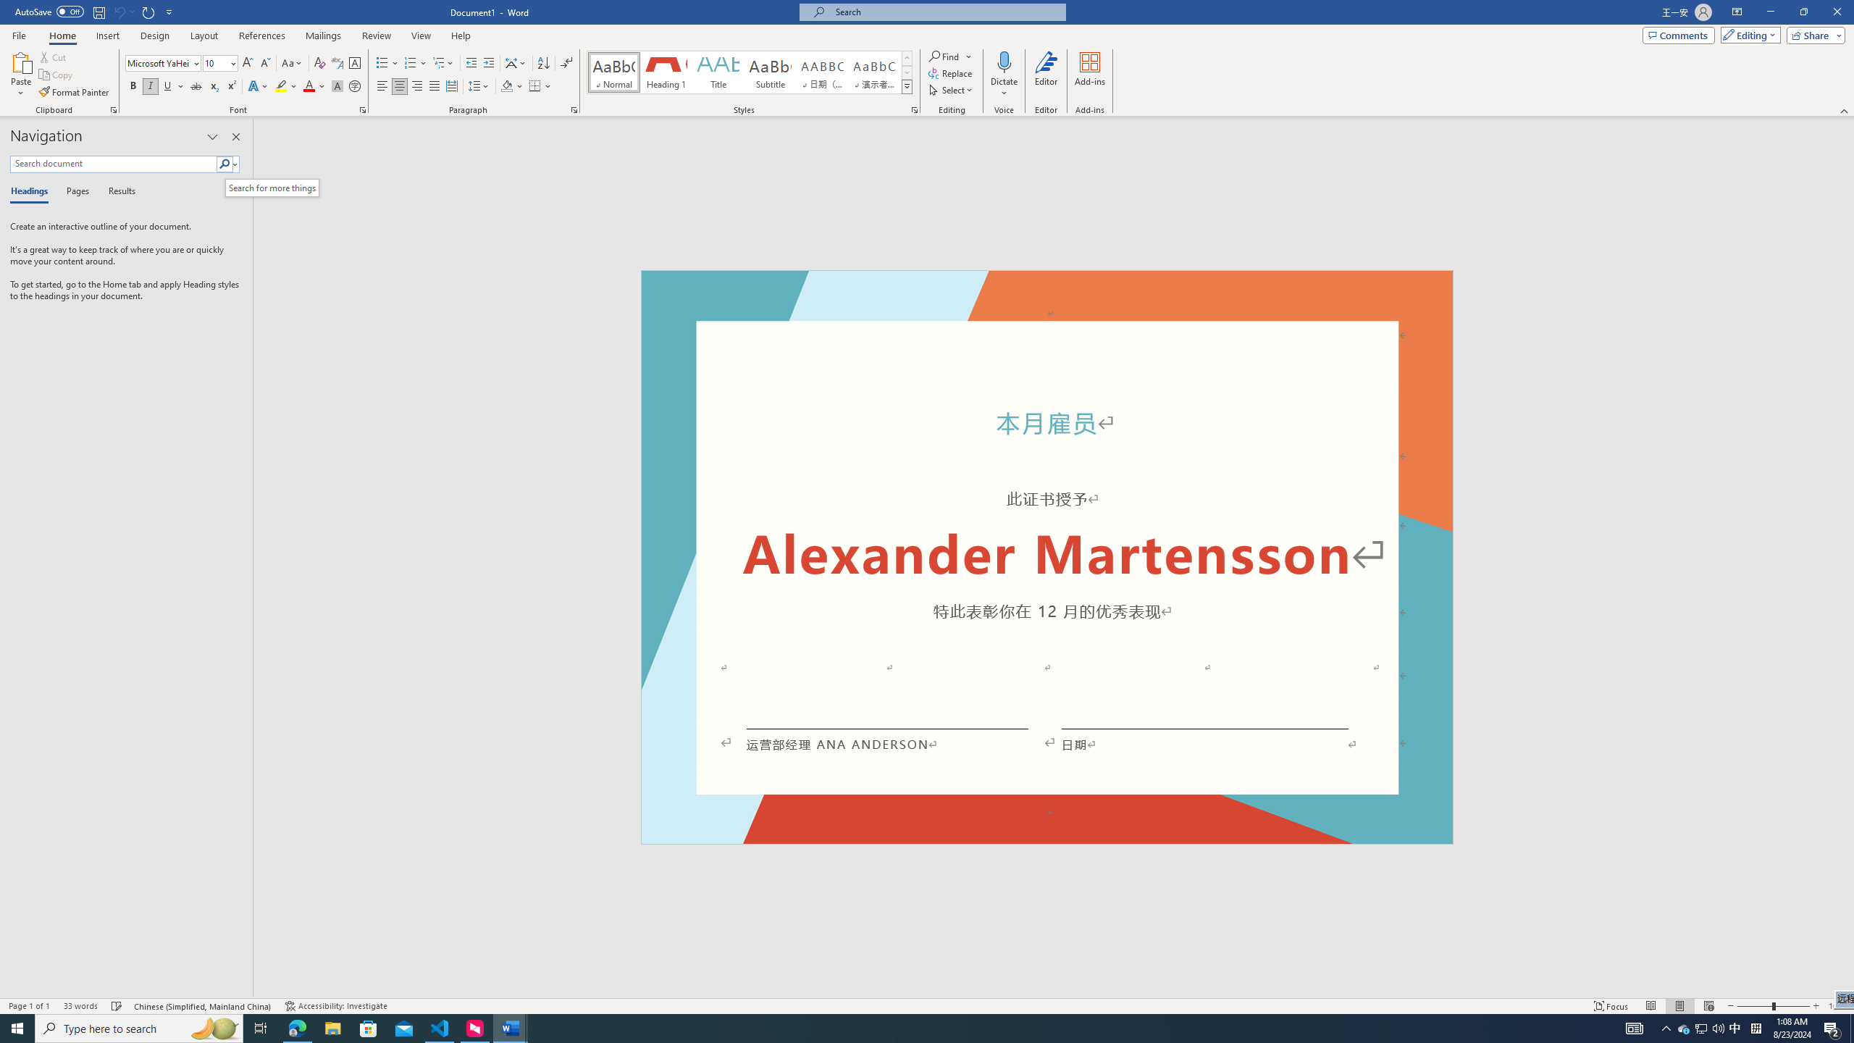 This screenshot has width=1854, height=1043. What do you see at coordinates (123, 11) in the screenshot?
I see `'Can'` at bounding box center [123, 11].